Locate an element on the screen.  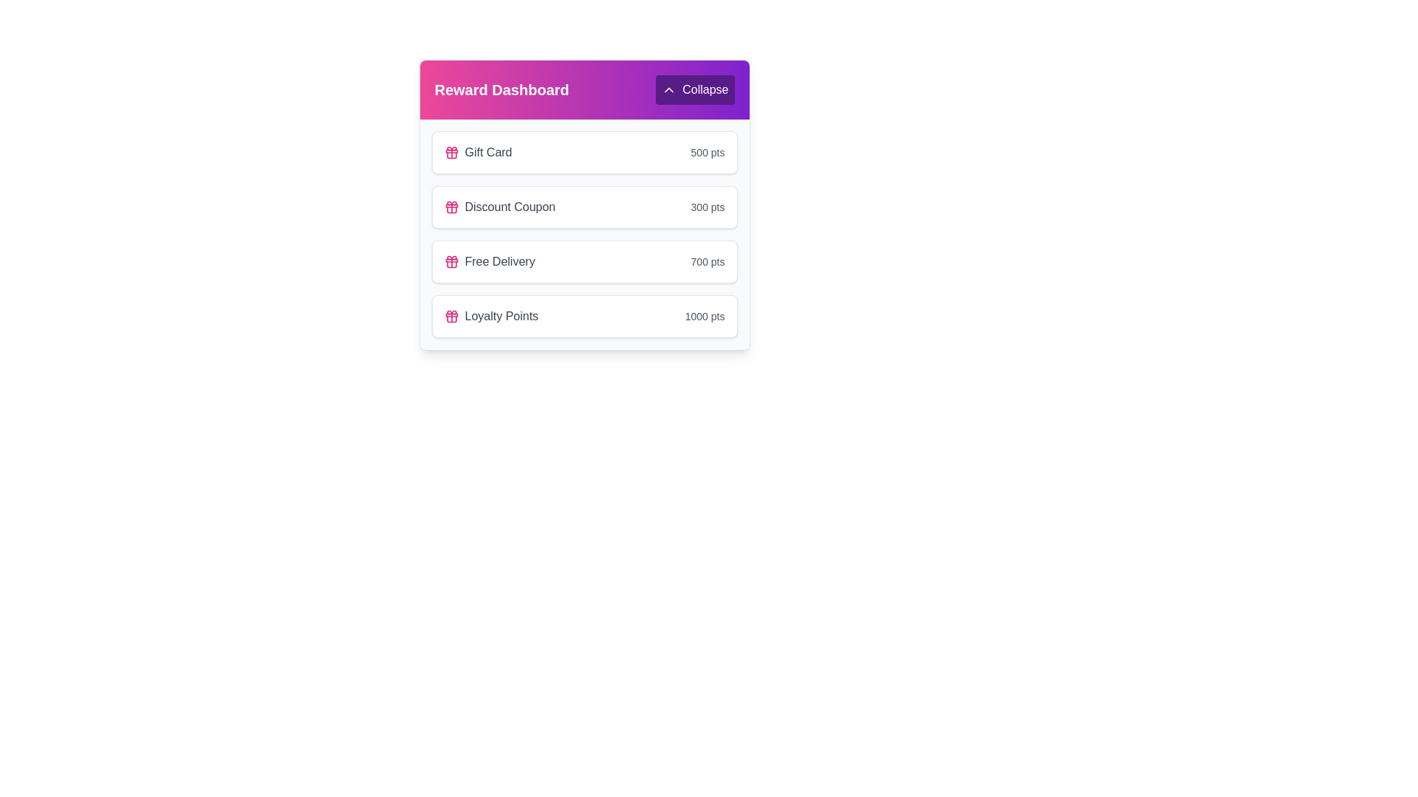
the thin, rounded rectangle styled as a horizontal bar within the pink gift icon, which is located to the left of the text labels 'Gift Card' and 'Loyalty Points' is located at coordinates (451, 314).